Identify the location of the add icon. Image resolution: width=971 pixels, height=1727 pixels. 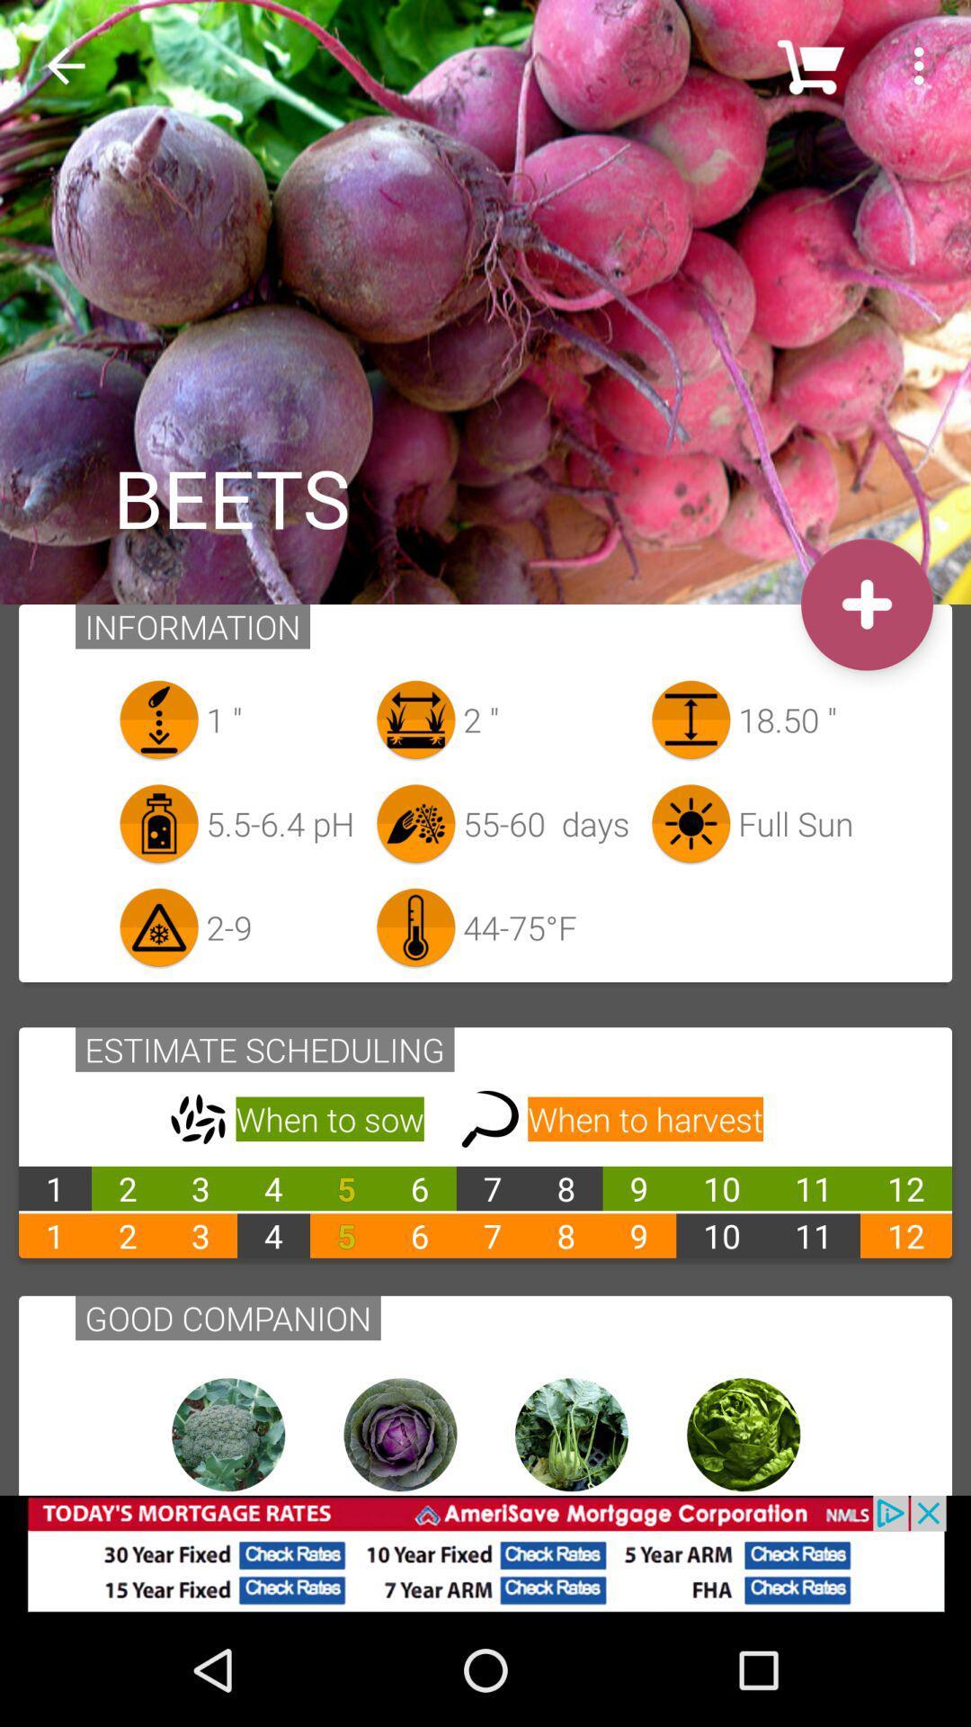
(866, 604).